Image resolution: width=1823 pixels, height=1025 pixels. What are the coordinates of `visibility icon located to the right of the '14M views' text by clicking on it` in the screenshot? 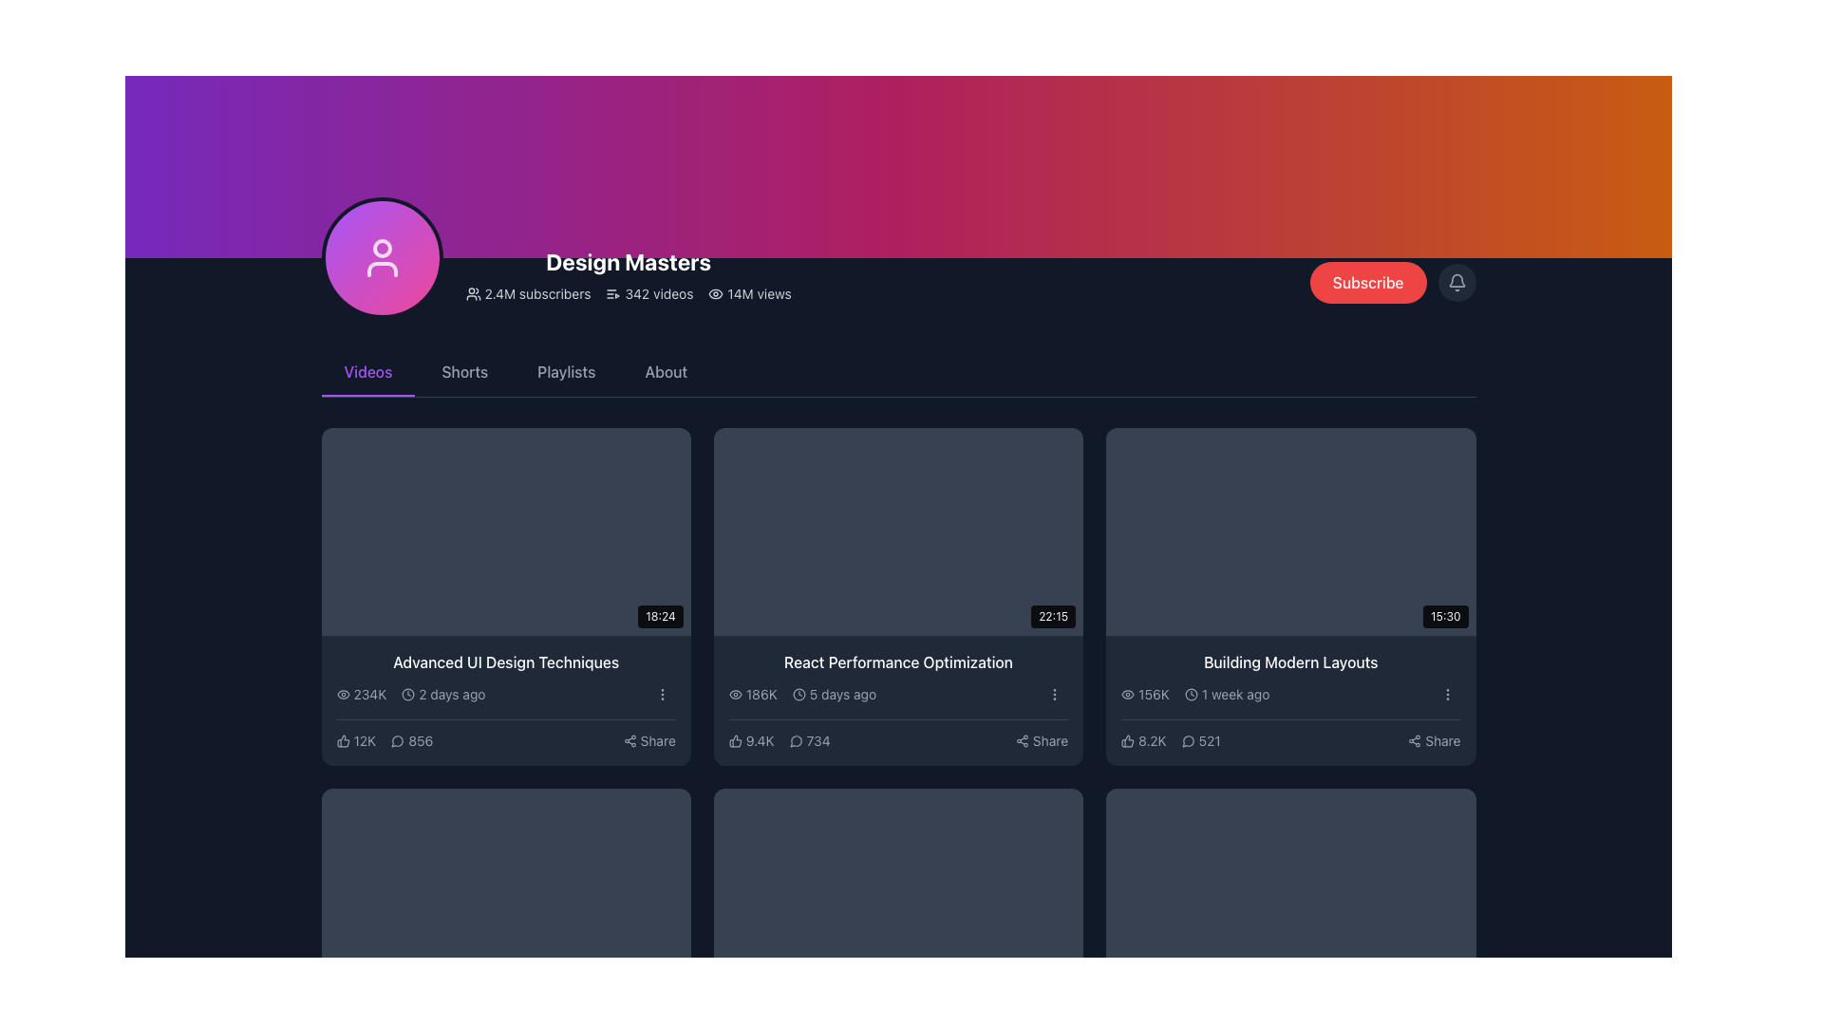 It's located at (715, 293).